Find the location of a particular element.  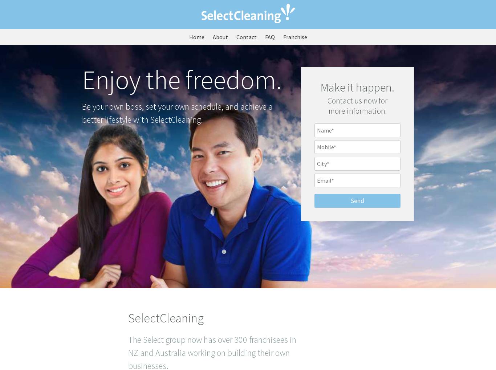

'About' is located at coordinates (219, 37).